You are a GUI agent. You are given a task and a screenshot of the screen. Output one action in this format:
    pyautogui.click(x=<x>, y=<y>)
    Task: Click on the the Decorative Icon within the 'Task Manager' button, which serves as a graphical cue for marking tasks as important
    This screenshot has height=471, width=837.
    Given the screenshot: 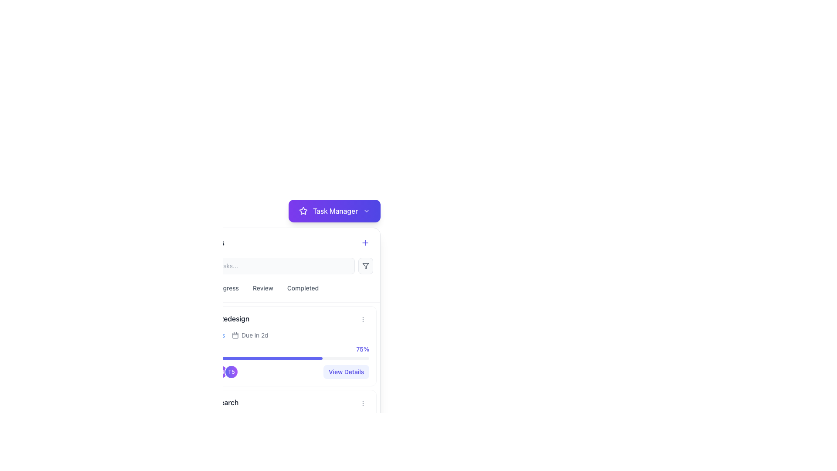 What is the action you would take?
    pyautogui.click(x=303, y=211)
    